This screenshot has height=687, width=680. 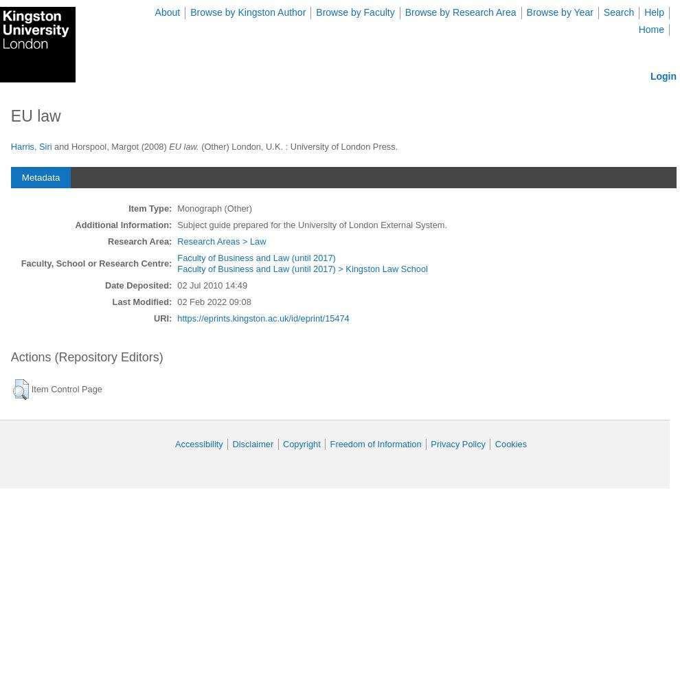 What do you see at coordinates (315, 12) in the screenshot?
I see `'Browse by Faculty'` at bounding box center [315, 12].